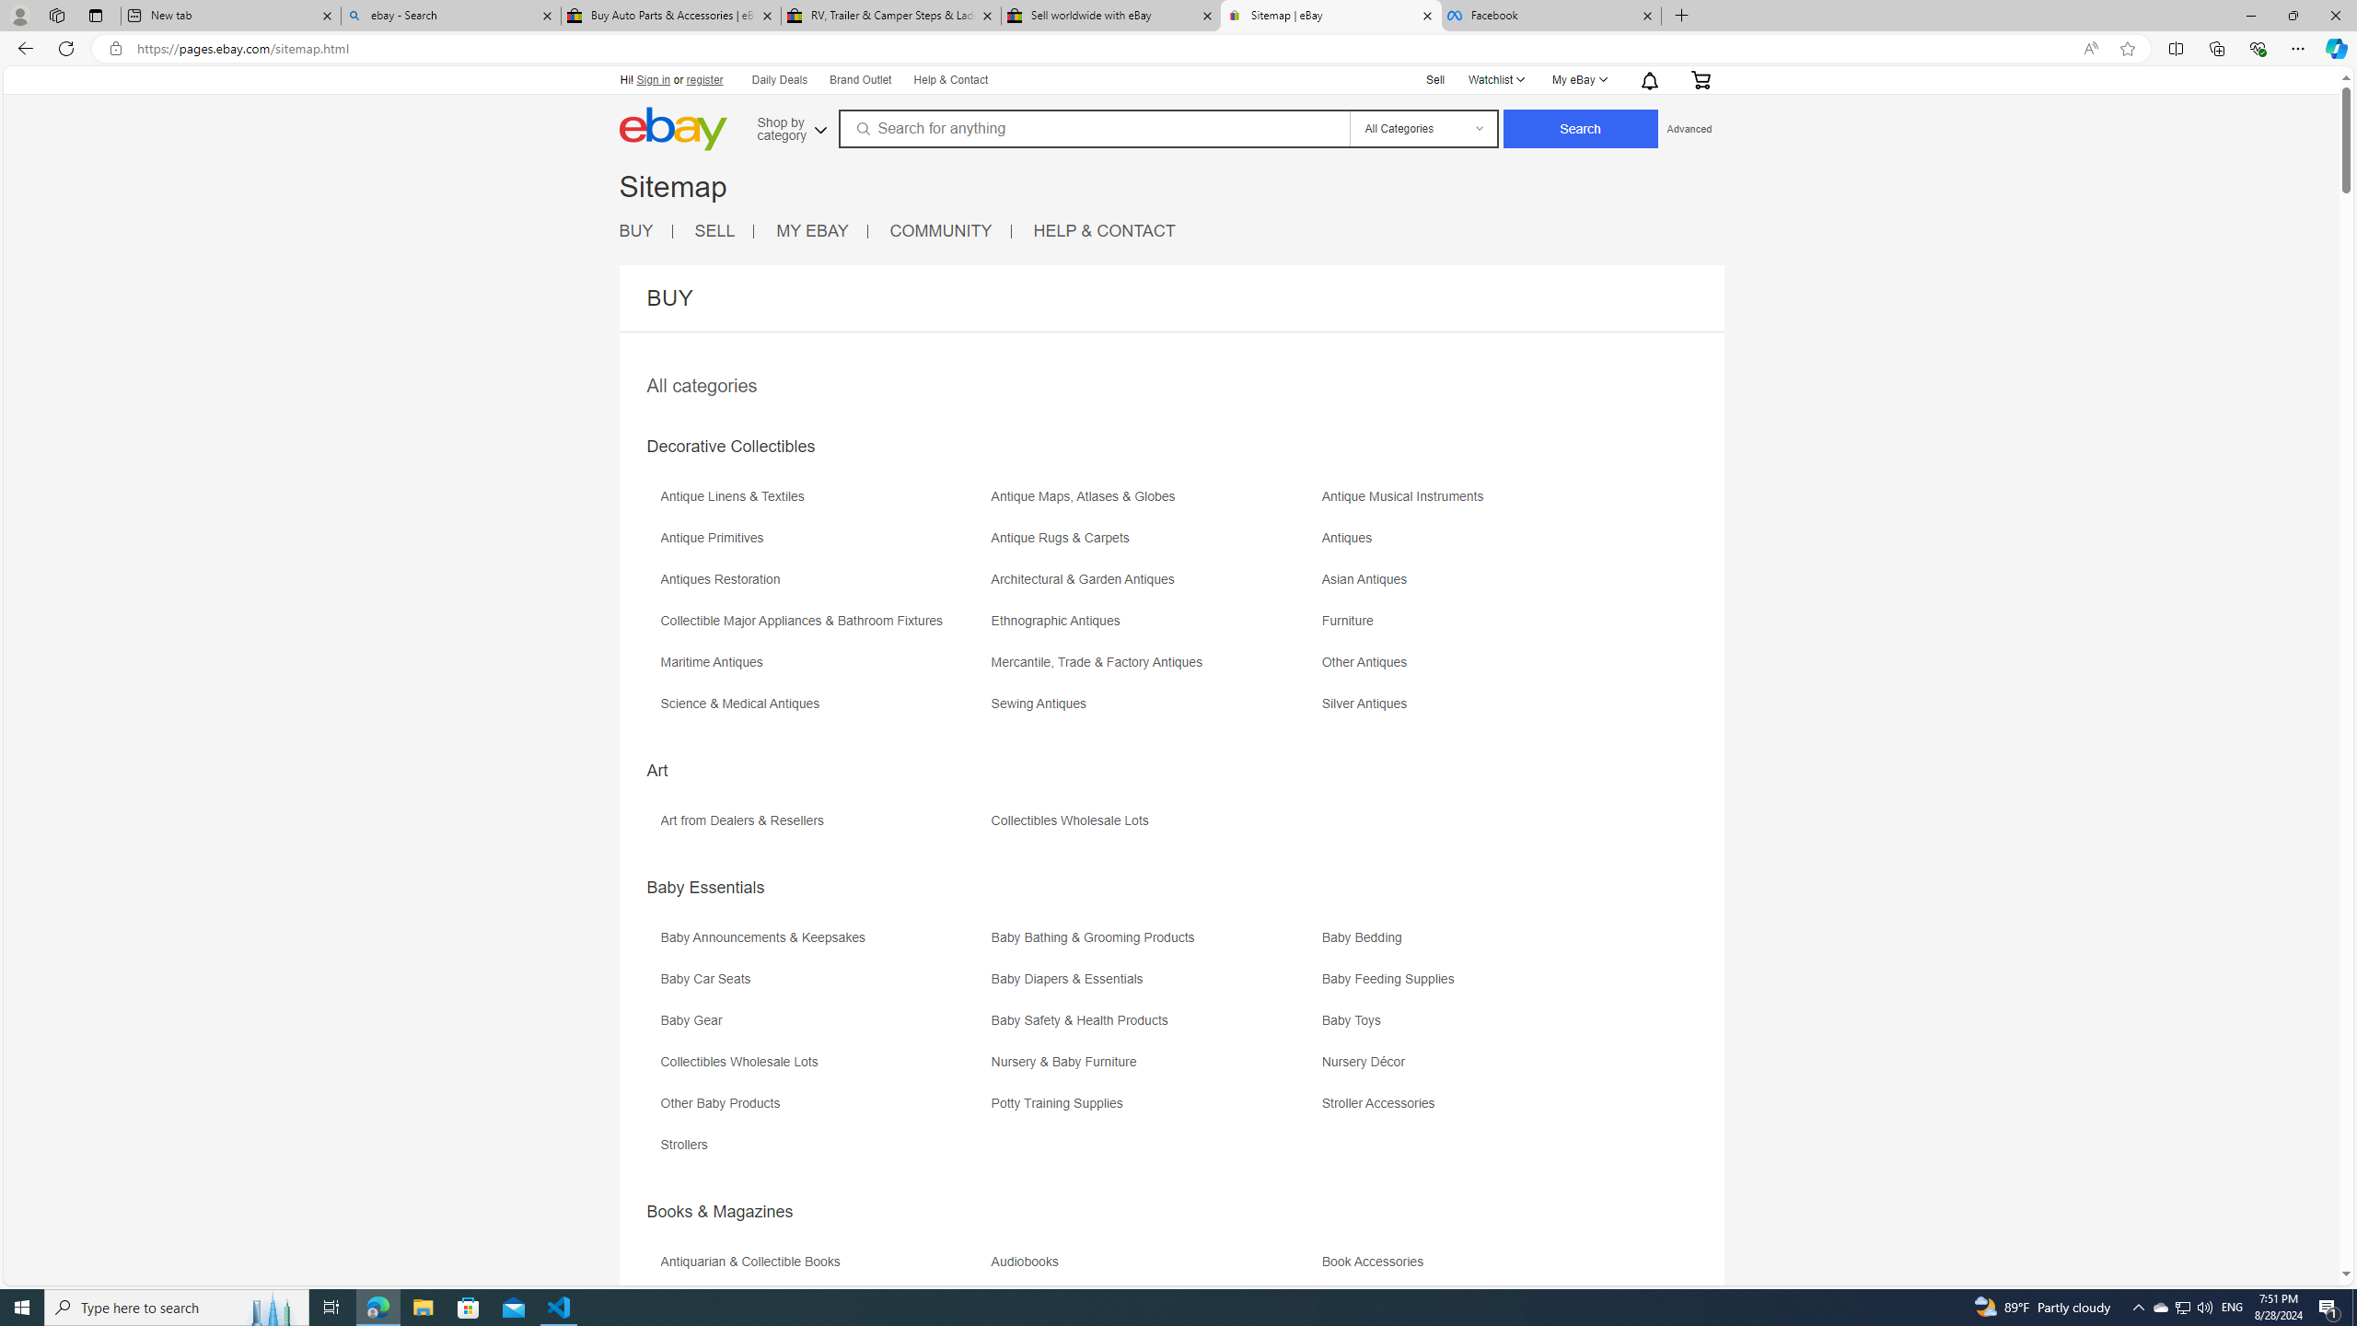 This screenshot has width=2357, height=1326. Describe the element at coordinates (1060, 1103) in the screenshot. I see `'Potty Training Supplies'` at that location.